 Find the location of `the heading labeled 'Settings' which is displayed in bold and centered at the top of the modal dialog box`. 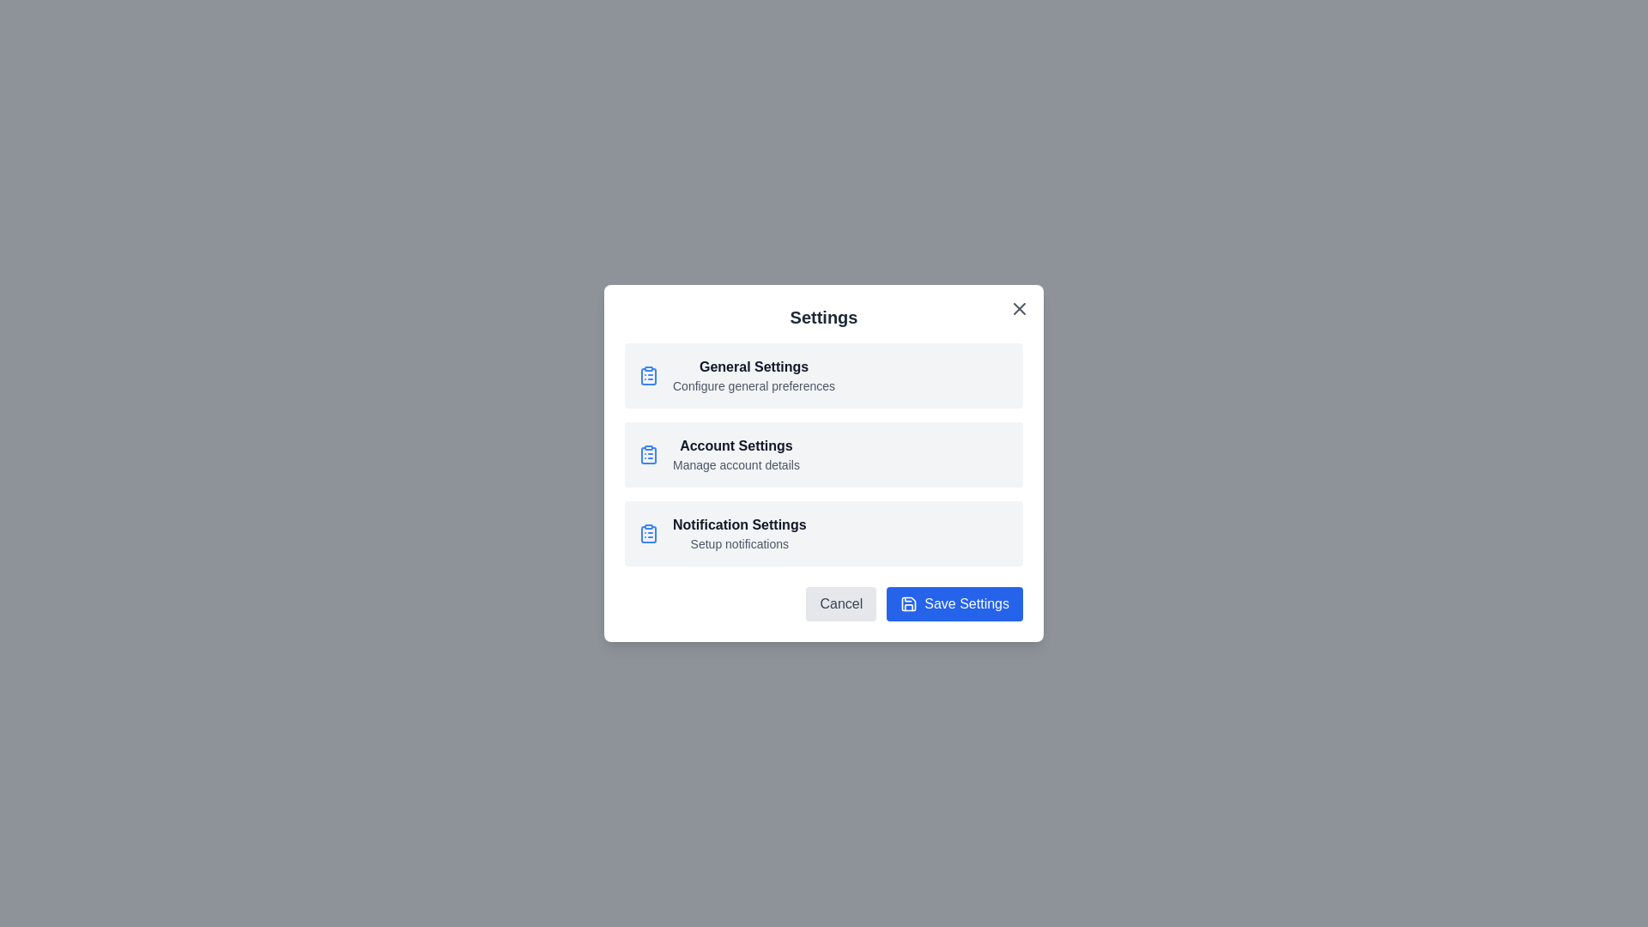

the heading labeled 'Settings' which is displayed in bold and centered at the top of the modal dialog box is located at coordinates (824, 318).